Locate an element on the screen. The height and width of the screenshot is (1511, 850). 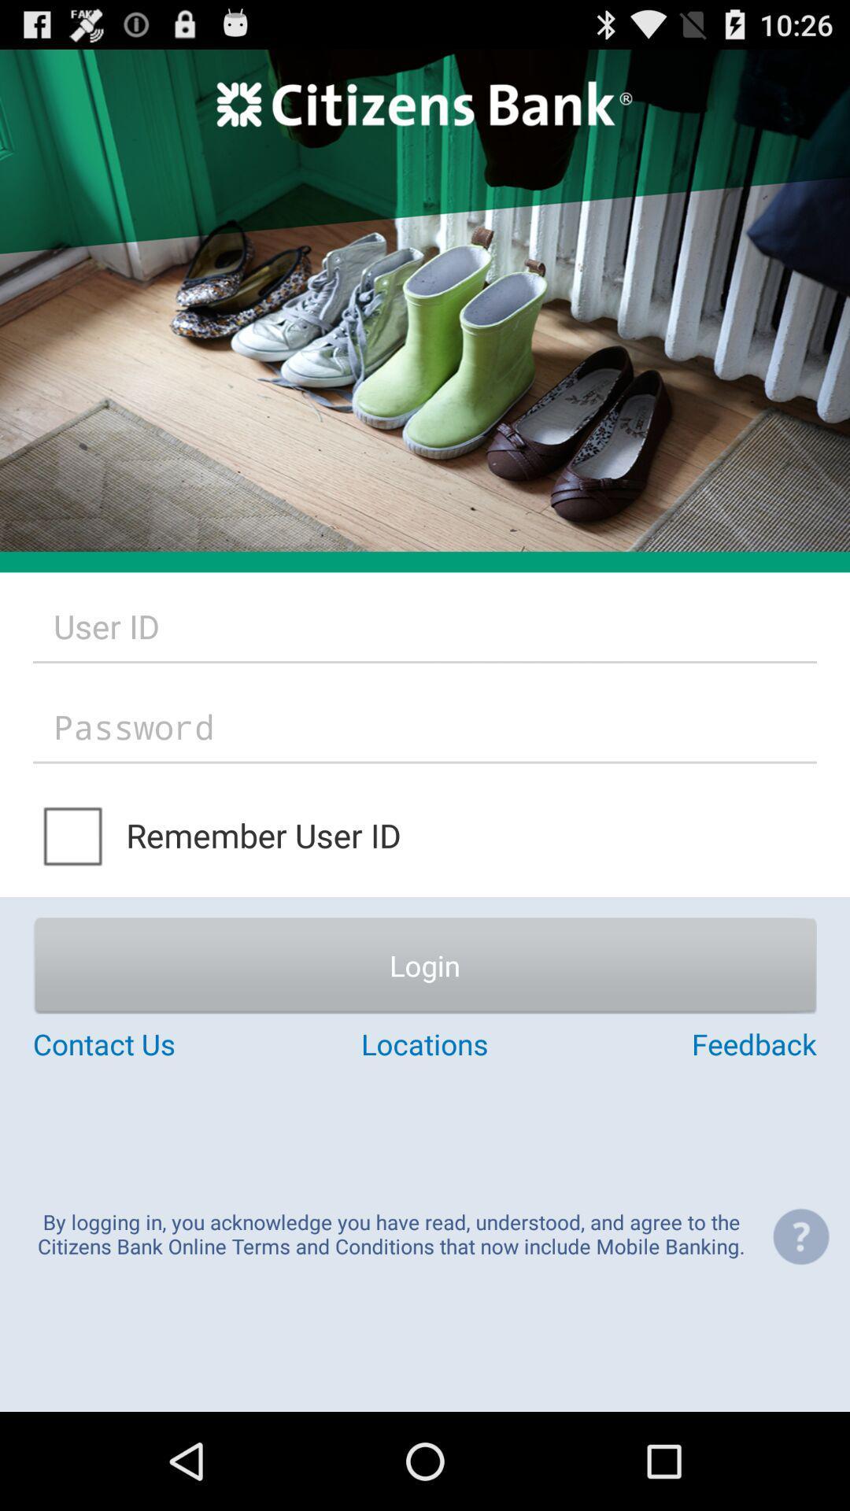
the icon to the left of feedback is located at coordinates (423, 1044).